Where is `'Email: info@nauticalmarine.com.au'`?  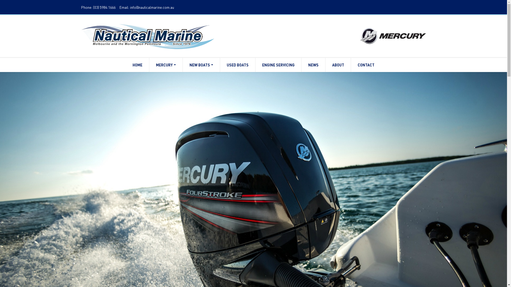
'Email: info@nauticalmarine.com.au' is located at coordinates (146, 7).